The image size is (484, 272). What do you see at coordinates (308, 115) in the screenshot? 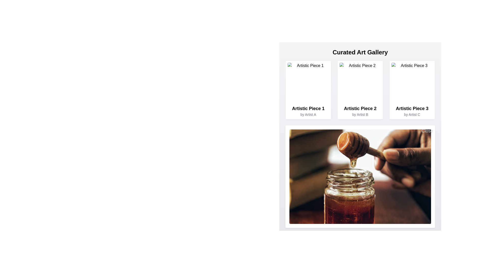
I see `the non-interactive text label indicating the creator of the associated art piece located directly below 'Artistic Piece 1' in the top-left corner of the gallery grid` at bounding box center [308, 115].